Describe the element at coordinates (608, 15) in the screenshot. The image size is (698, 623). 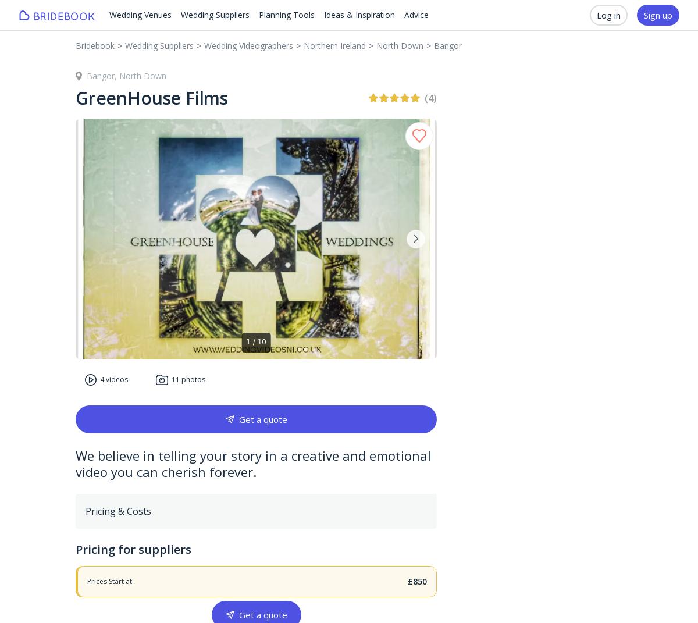
I see `'Log in'` at that location.